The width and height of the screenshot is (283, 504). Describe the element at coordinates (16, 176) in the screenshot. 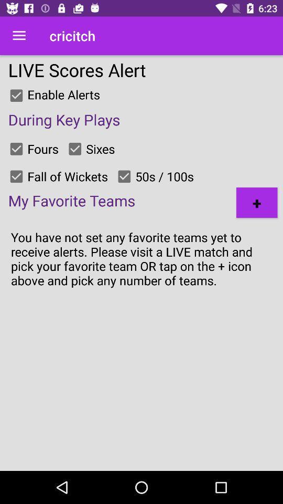

I see `the icon next to the fall of wickets` at that location.